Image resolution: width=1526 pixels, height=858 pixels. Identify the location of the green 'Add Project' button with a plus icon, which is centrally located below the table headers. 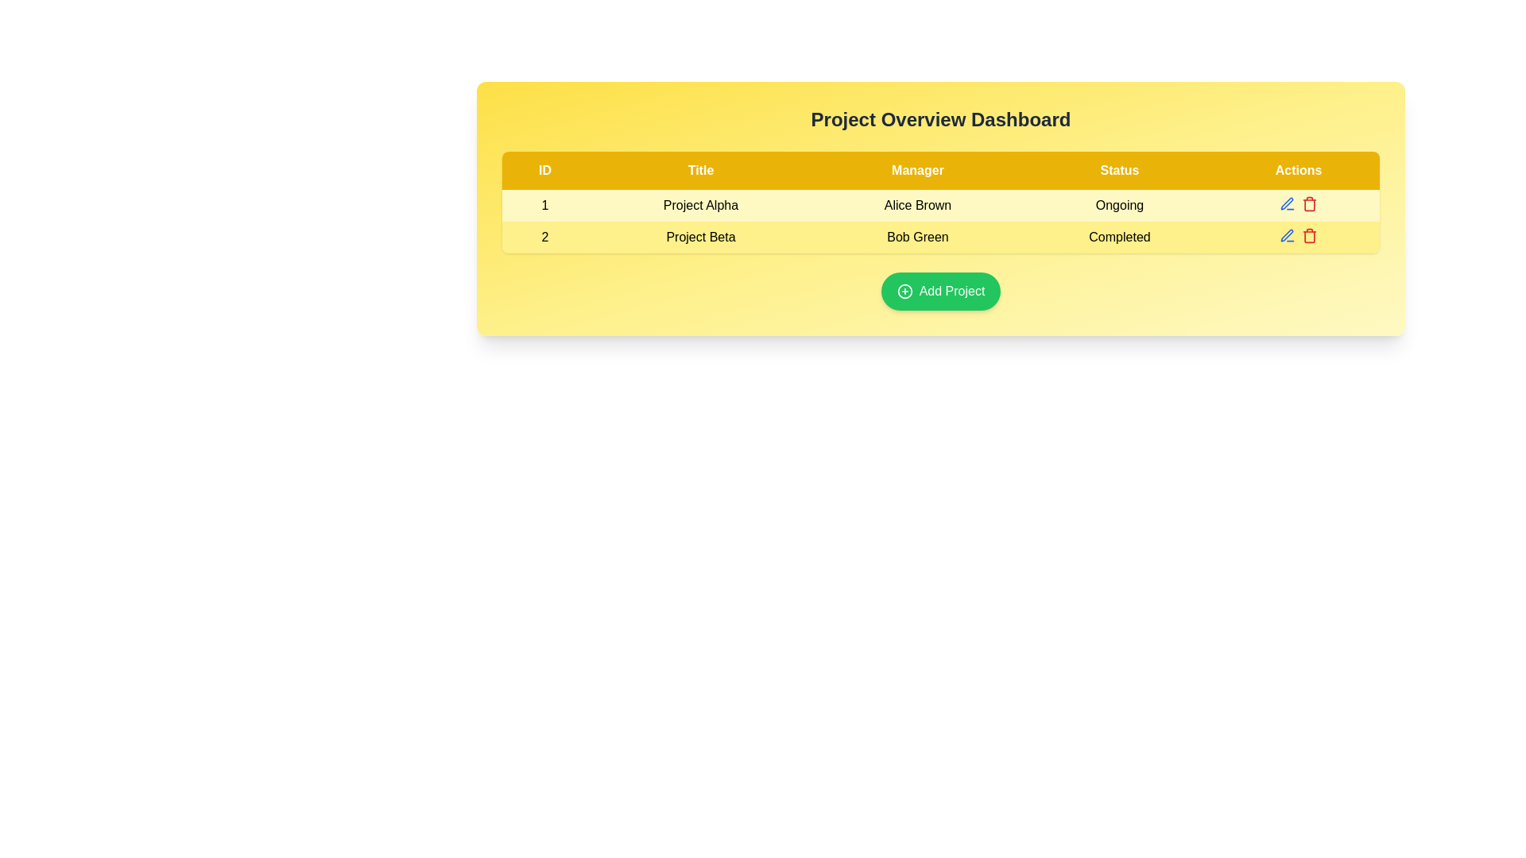
(941, 291).